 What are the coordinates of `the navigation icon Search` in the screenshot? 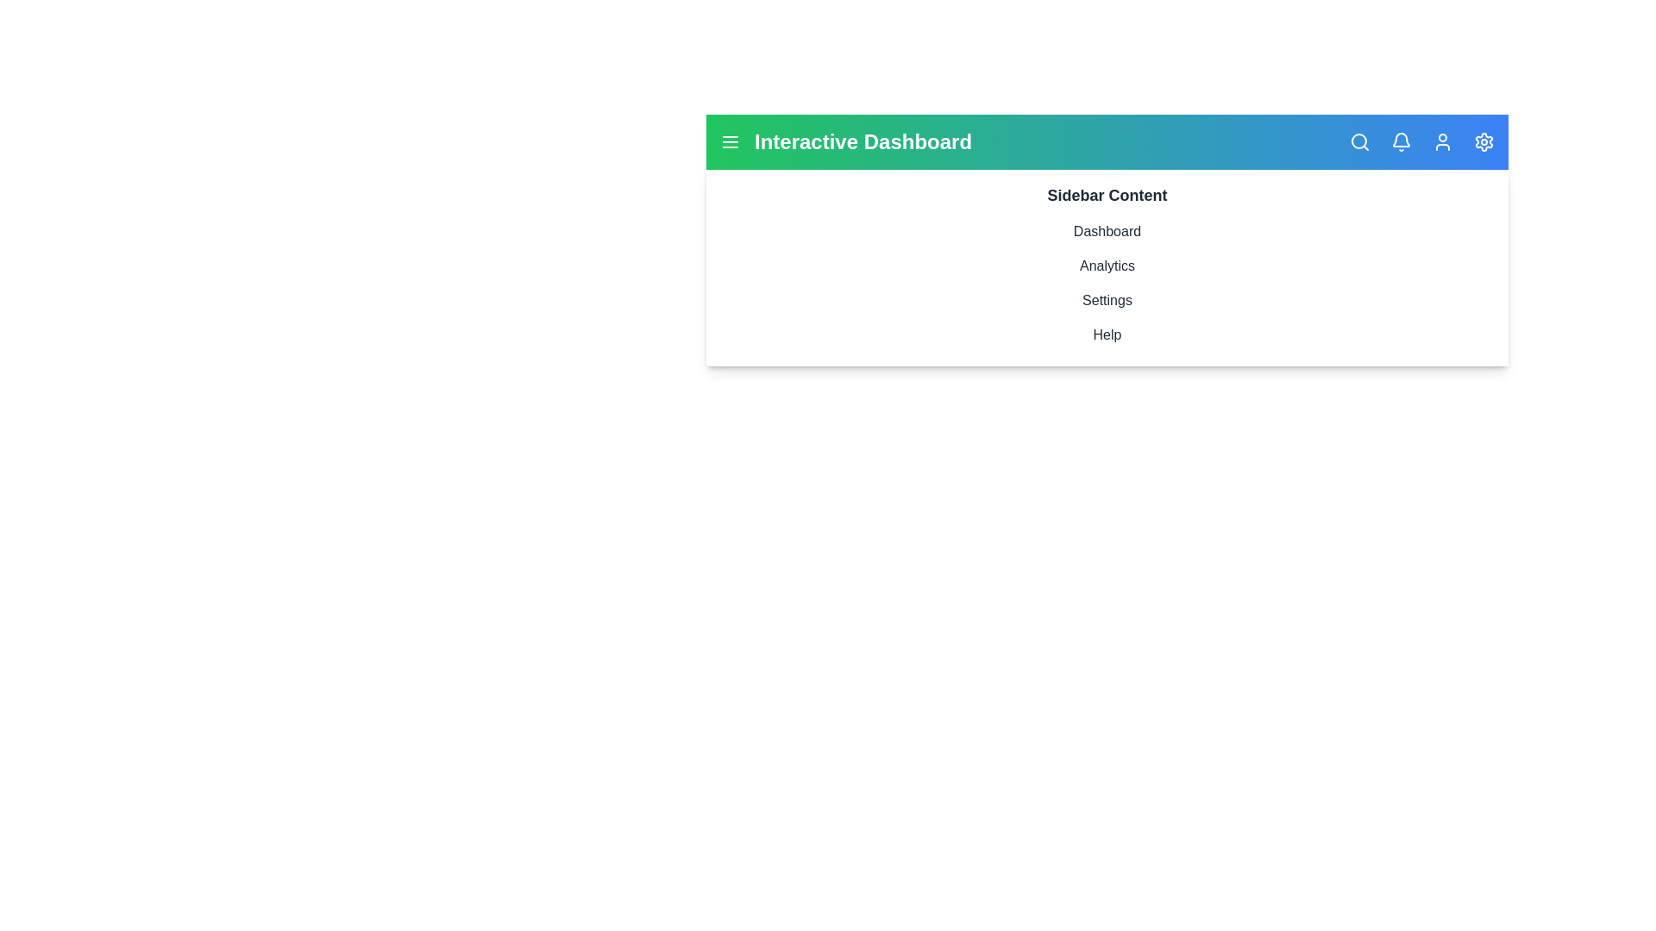 It's located at (1359, 141).